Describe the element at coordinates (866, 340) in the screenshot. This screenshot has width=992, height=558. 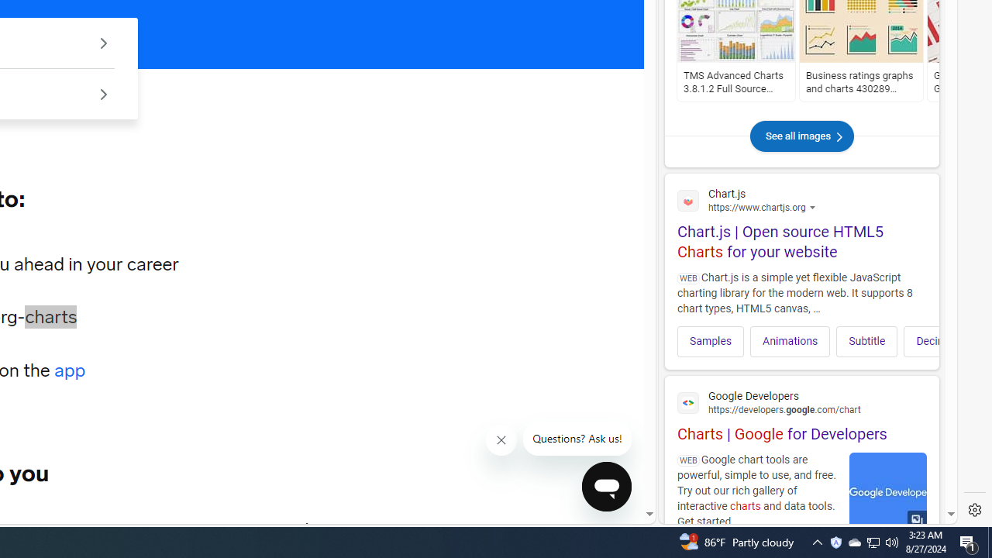
I see `'Subtitle'` at that location.